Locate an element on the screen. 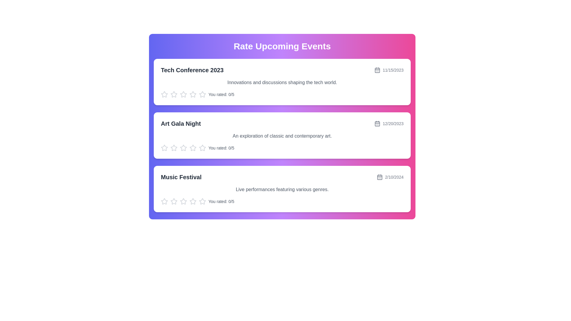 This screenshot has height=321, width=571. the calendar icon with a minimalist SVG design located in the 'Music Festival' section, positioned at the top-right corner adjacent to the date '2/10/2024' is located at coordinates (379, 177).